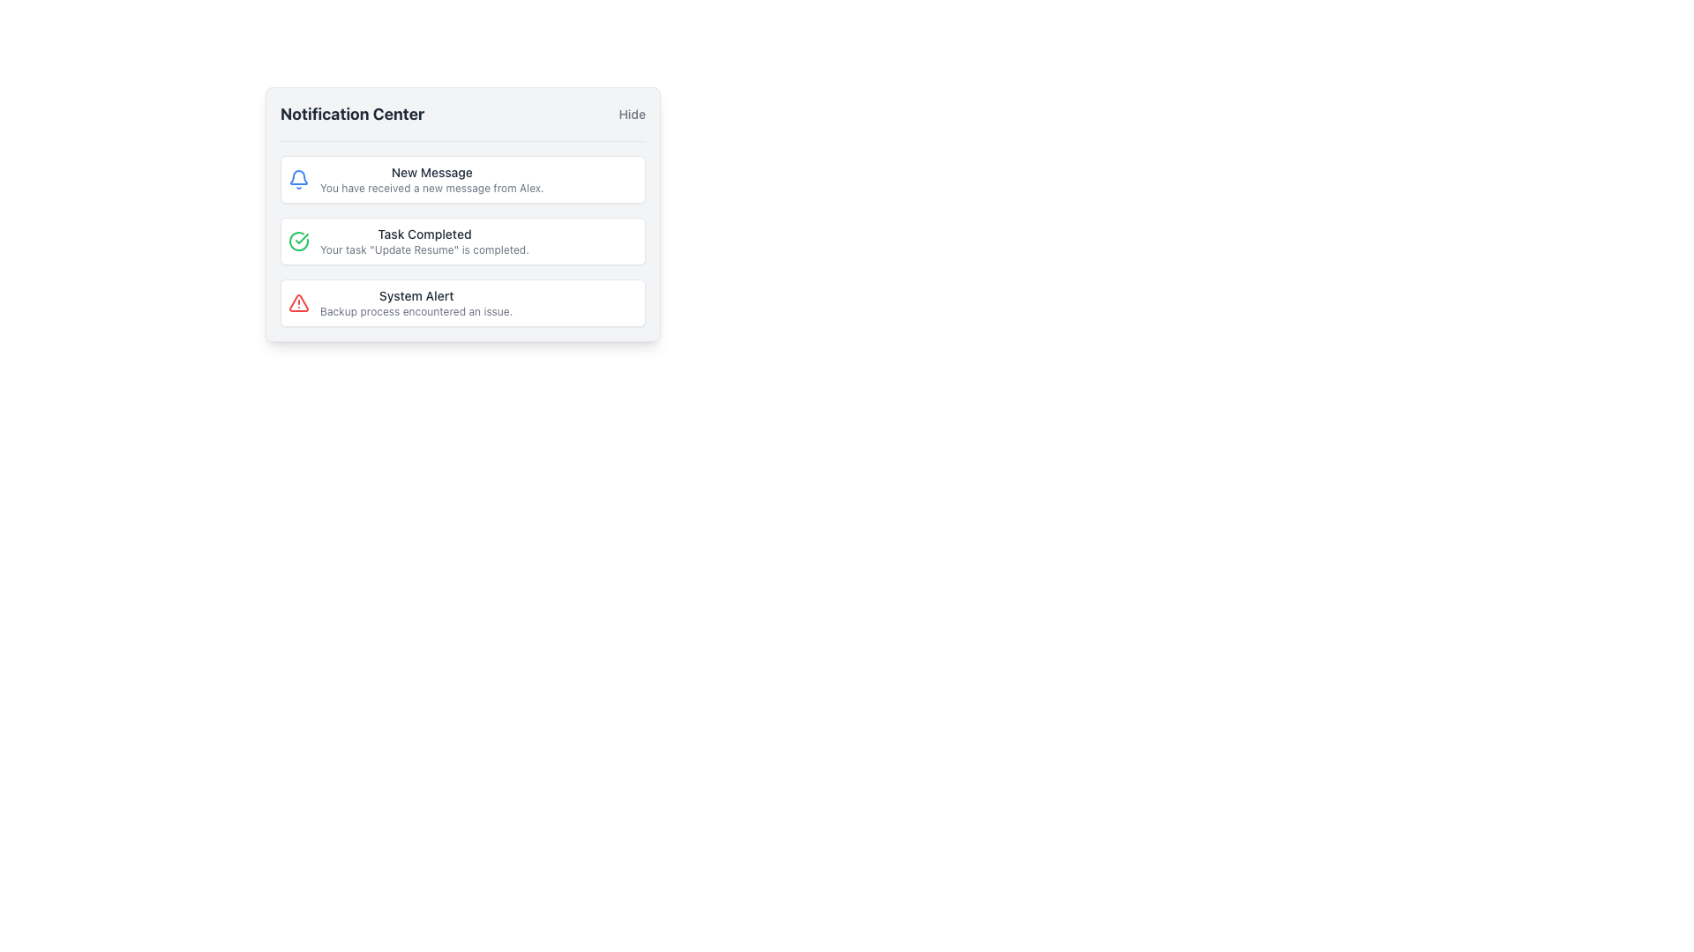 The width and height of the screenshot is (1694, 952). Describe the element at coordinates (299, 177) in the screenshot. I see `the graphical icon segment that forms the lower half of the bell-shaped notification icon in the notification center interface` at that location.